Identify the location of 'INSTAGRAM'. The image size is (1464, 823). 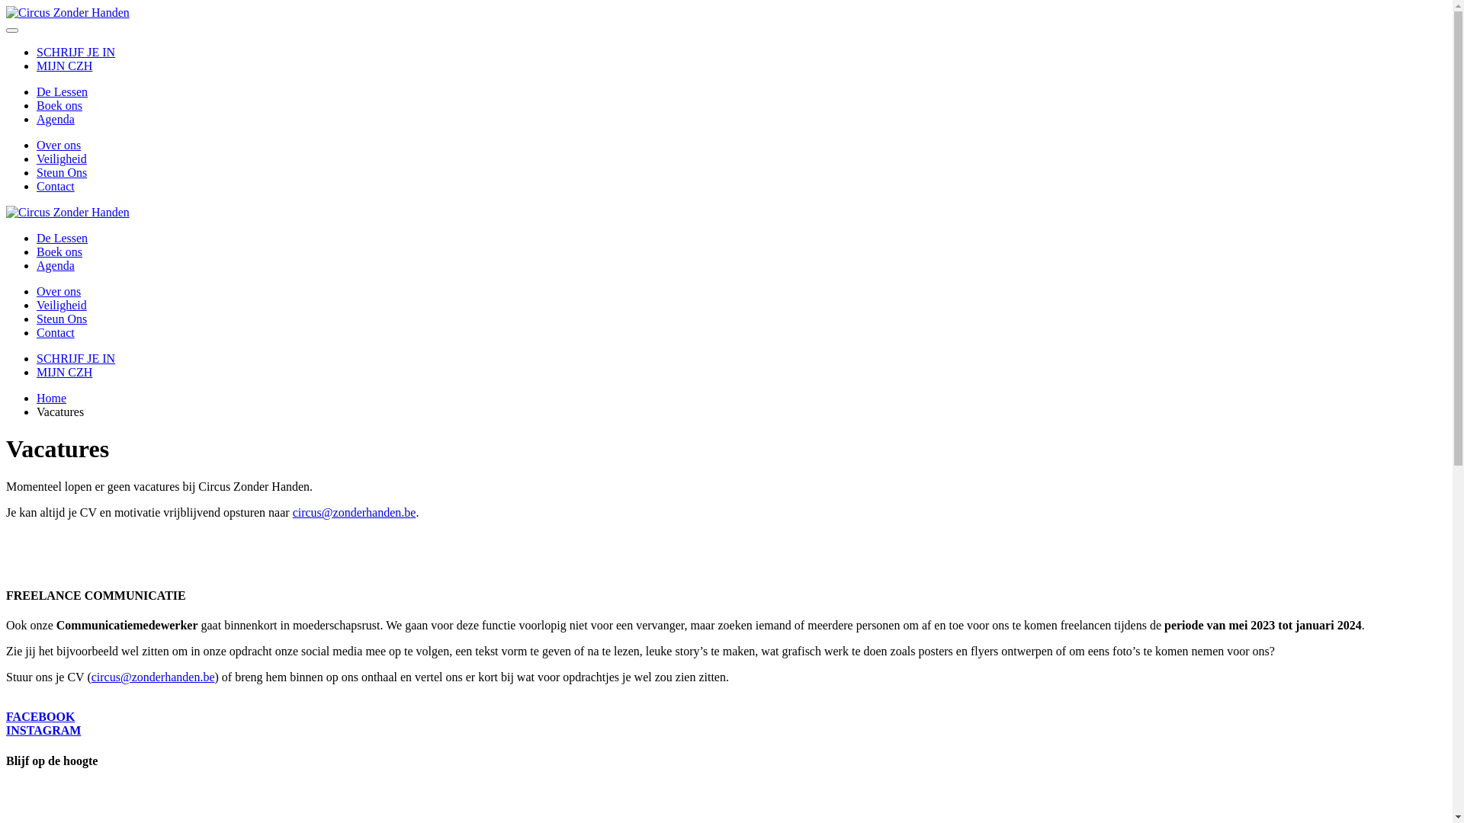
(43, 729).